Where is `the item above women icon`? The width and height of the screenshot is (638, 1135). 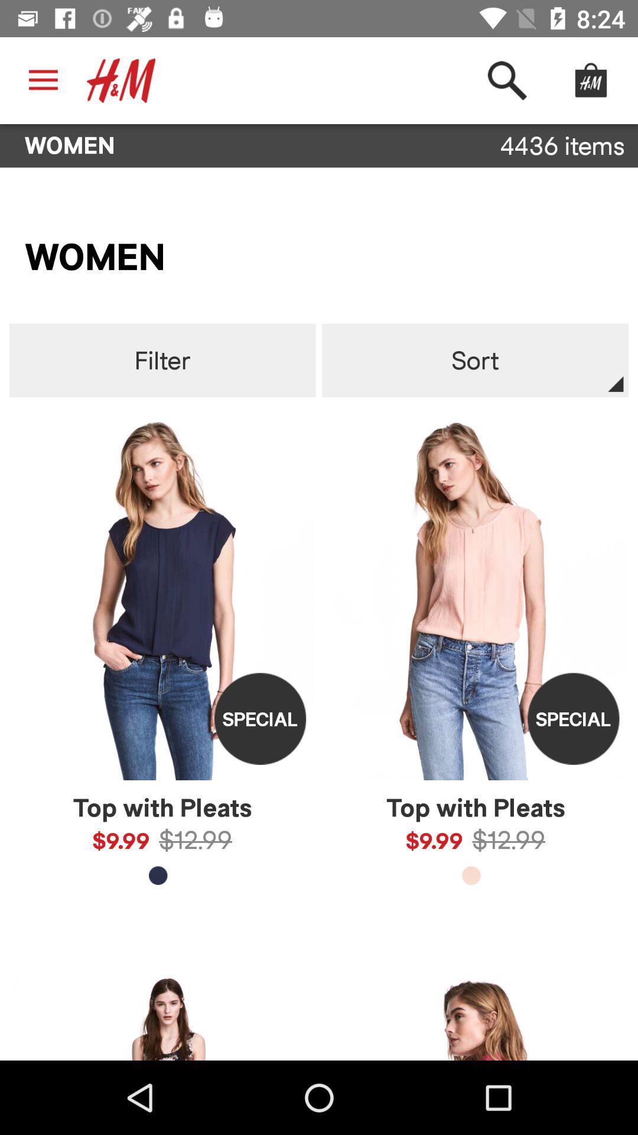 the item above women icon is located at coordinates (43, 80).